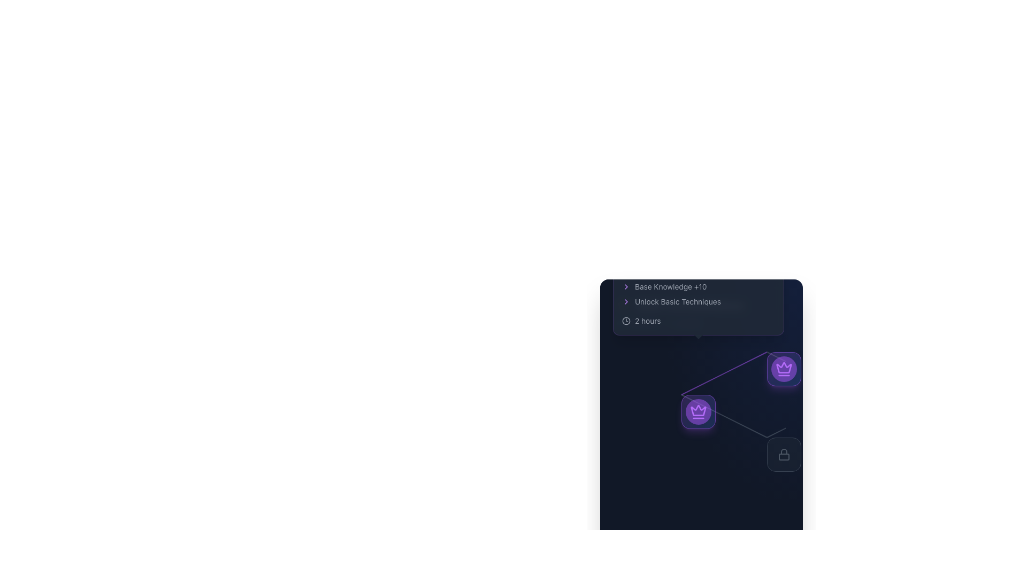 The height and width of the screenshot is (577, 1027). What do you see at coordinates (784, 367) in the screenshot?
I see `the decorative iconography element that signifies achievement, located on the right side of the visual diagram` at bounding box center [784, 367].